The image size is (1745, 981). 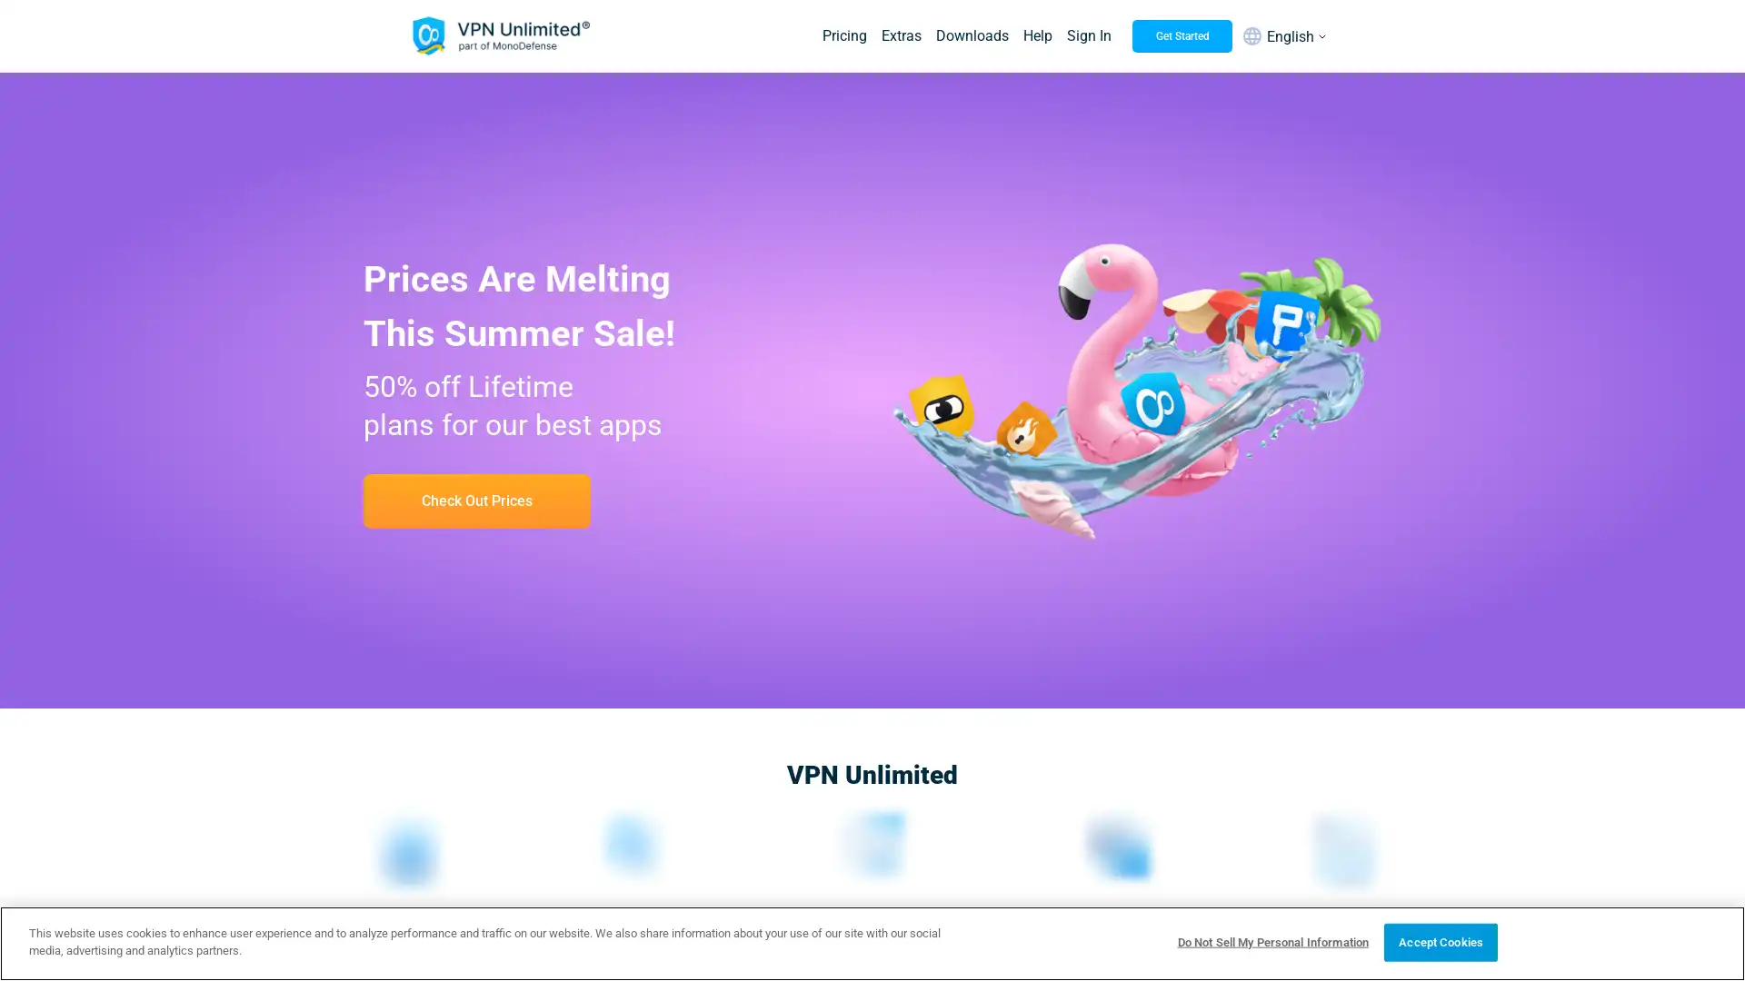 I want to click on Accept Cookies, so click(x=1440, y=941).